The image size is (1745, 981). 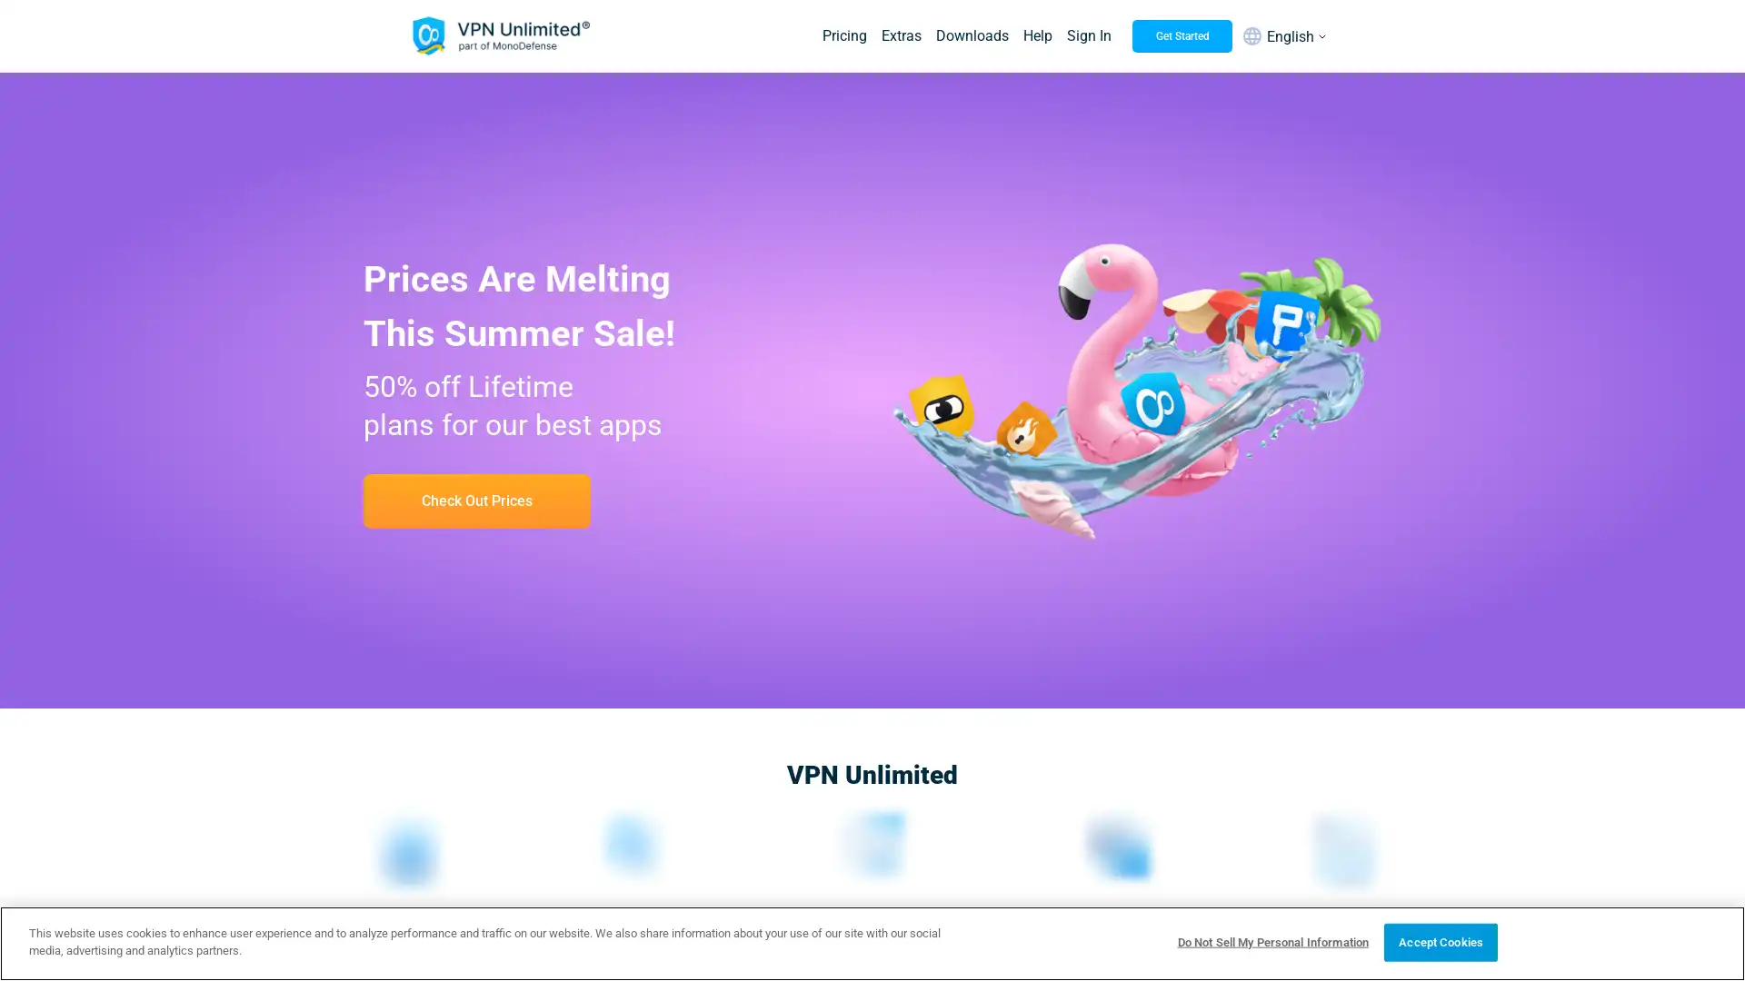 I want to click on Accept Cookies, so click(x=1440, y=941).